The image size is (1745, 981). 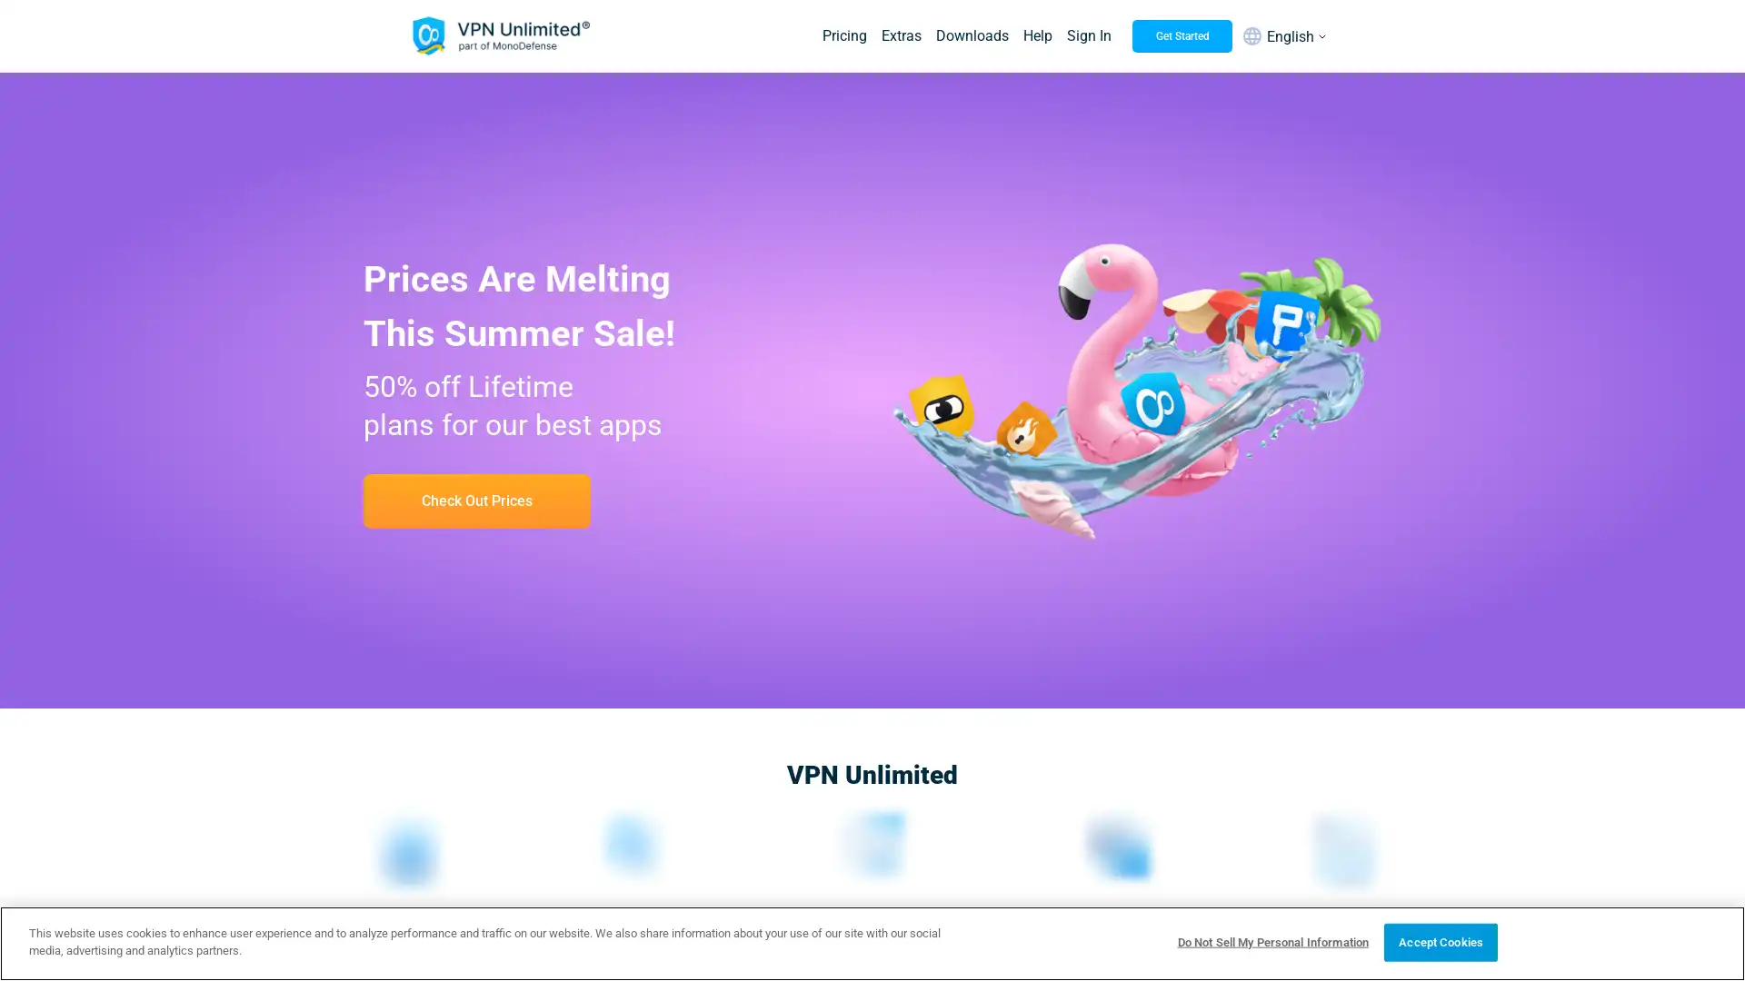 I want to click on Accept Cookies, so click(x=1440, y=941).